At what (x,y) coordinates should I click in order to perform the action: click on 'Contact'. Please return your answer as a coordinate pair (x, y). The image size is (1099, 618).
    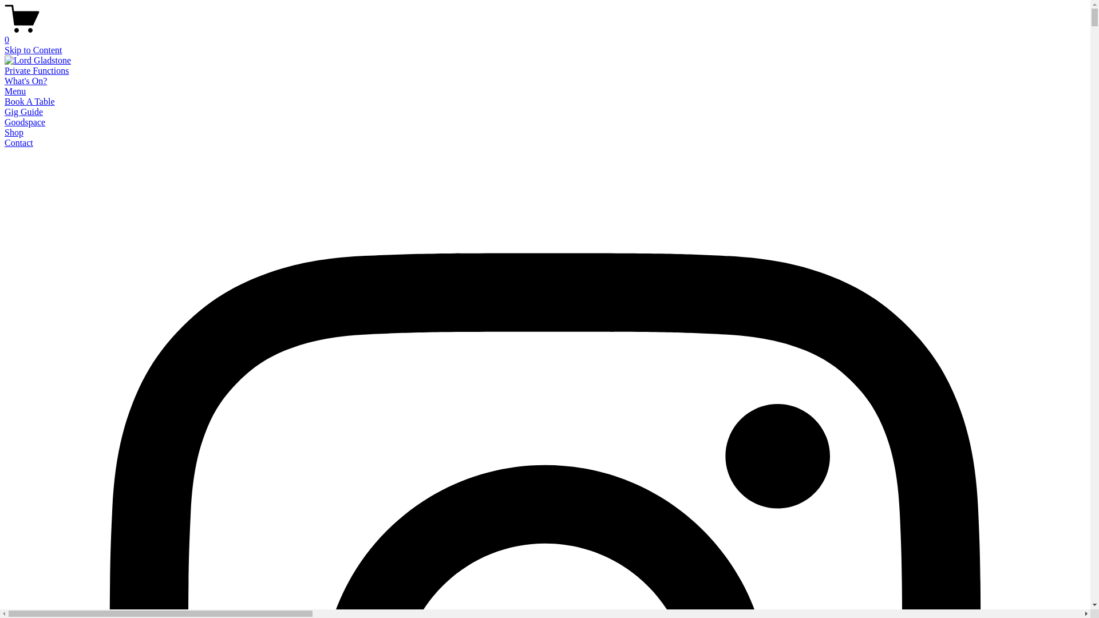
    Looking at the image, I should click on (19, 142).